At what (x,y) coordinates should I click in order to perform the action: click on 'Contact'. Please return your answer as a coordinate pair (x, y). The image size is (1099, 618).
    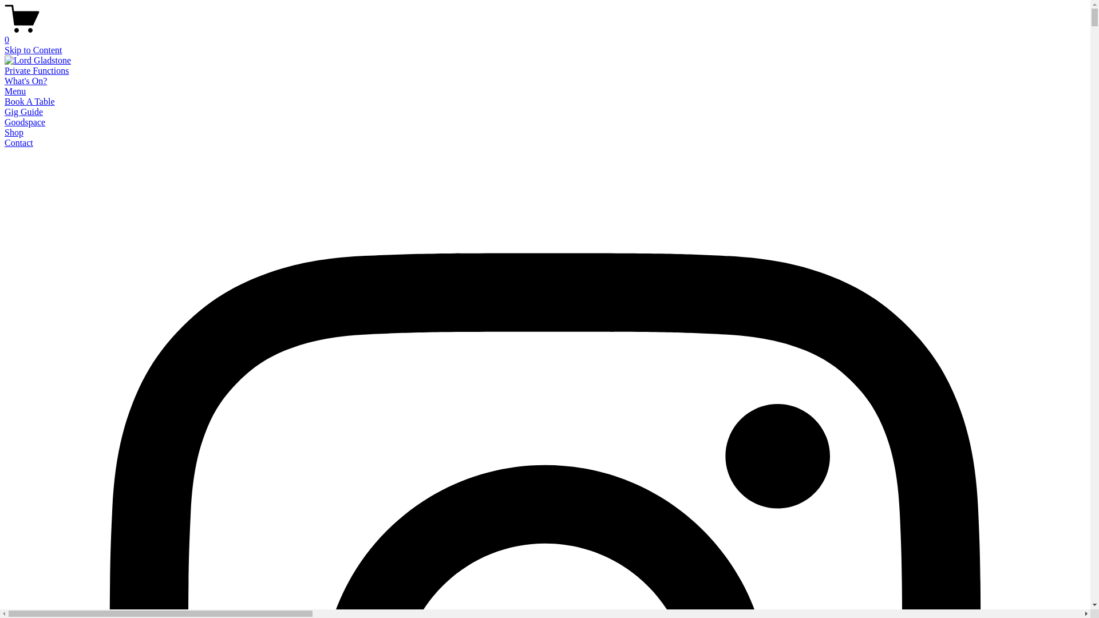
    Looking at the image, I should click on (19, 142).